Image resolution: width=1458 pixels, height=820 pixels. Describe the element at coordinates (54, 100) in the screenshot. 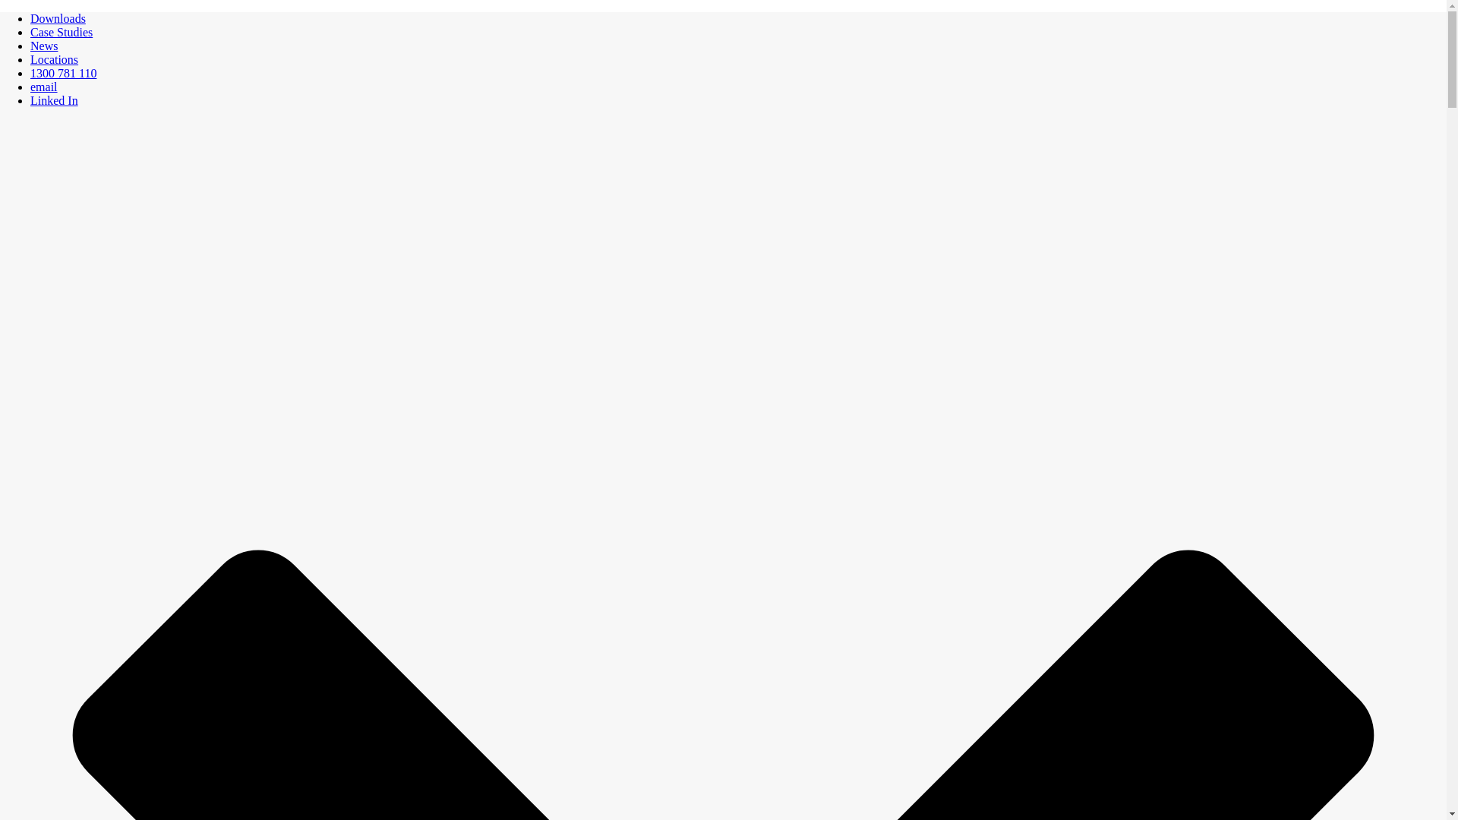

I see `'Linked In'` at that location.